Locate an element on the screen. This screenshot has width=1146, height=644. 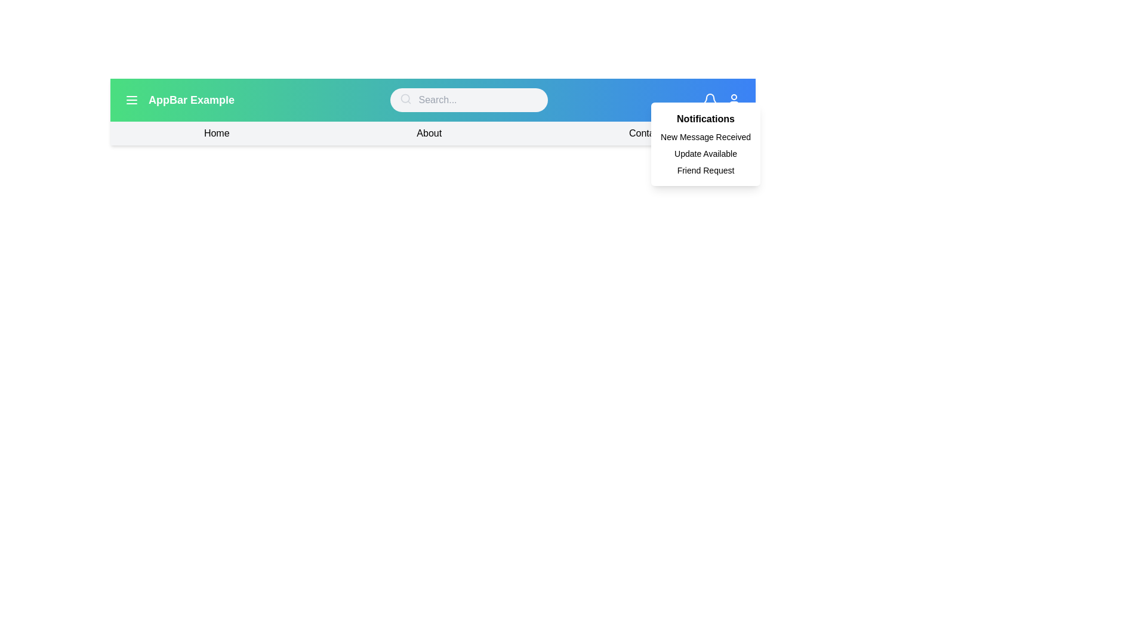
the menu icon to toggle the menu visibility is located at coordinates (131, 100).